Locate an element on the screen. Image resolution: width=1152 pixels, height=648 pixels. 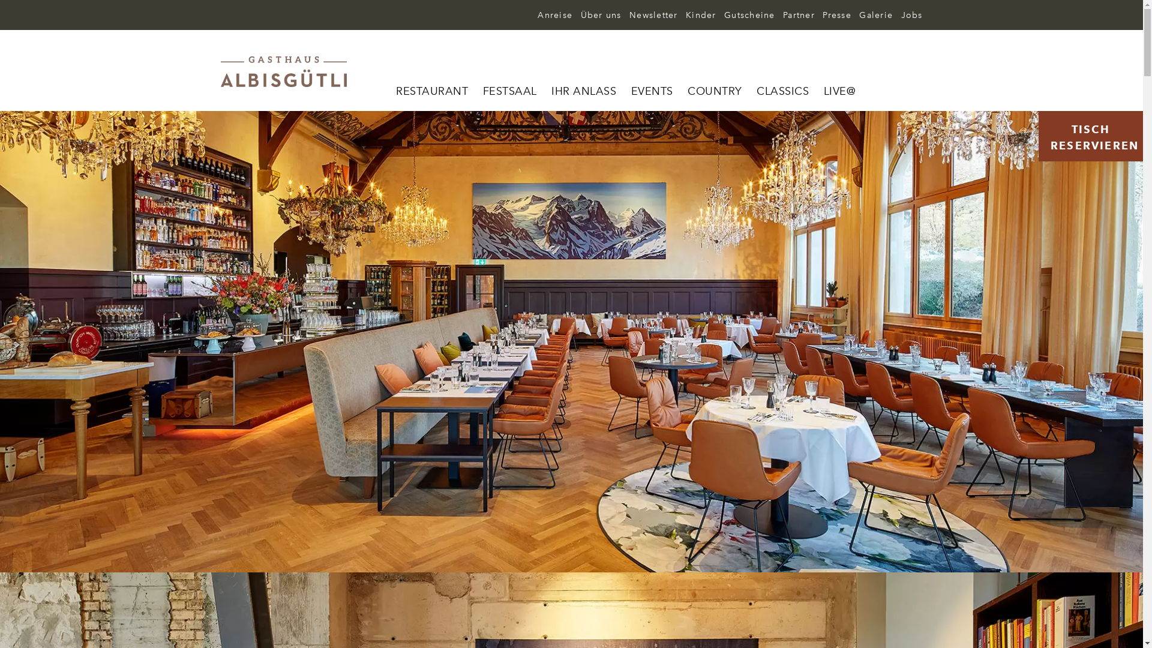
'RESTAURANT' is located at coordinates (432, 92).